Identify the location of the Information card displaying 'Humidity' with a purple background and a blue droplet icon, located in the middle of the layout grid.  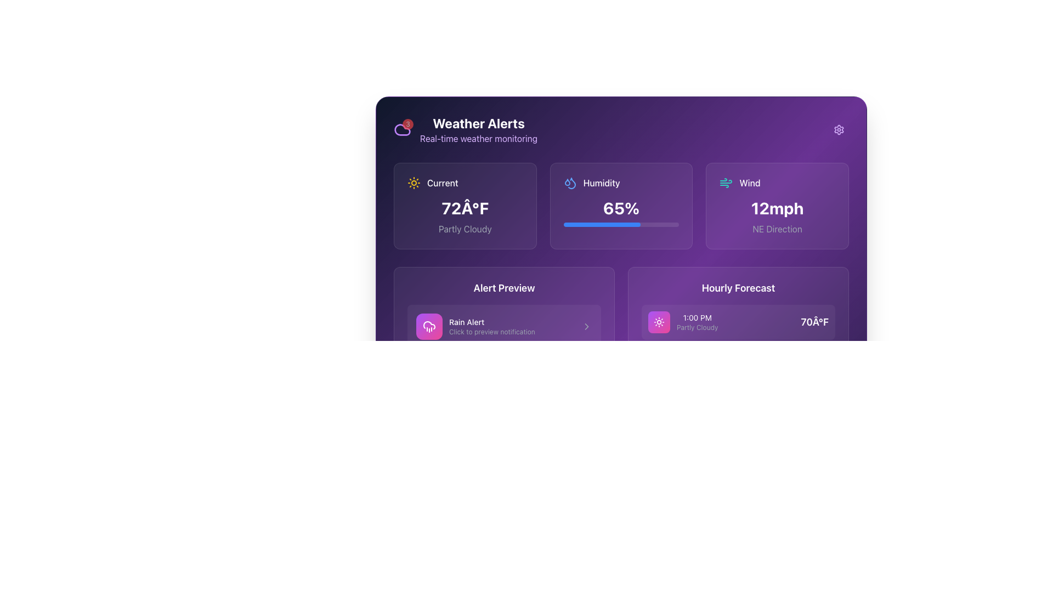
(621, 206).